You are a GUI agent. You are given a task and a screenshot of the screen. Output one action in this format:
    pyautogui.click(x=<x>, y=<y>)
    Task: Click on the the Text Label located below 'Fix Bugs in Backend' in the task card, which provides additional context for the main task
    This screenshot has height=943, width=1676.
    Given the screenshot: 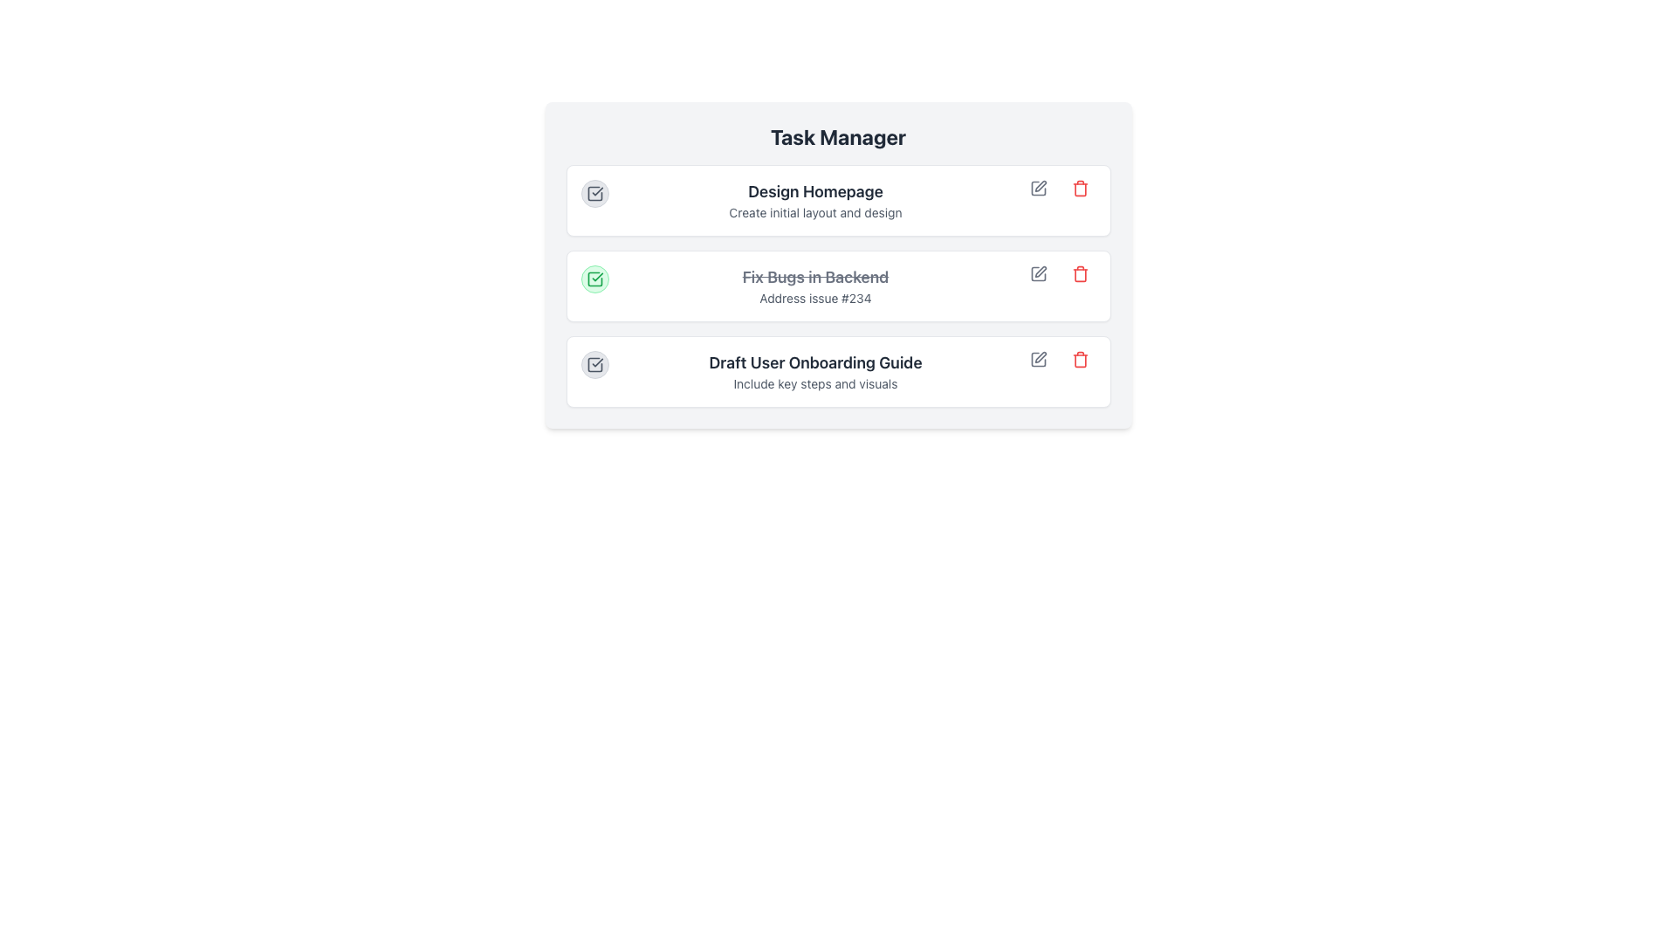 What is the action you would take?
    pyautogui.click(x=814, y=298)
    